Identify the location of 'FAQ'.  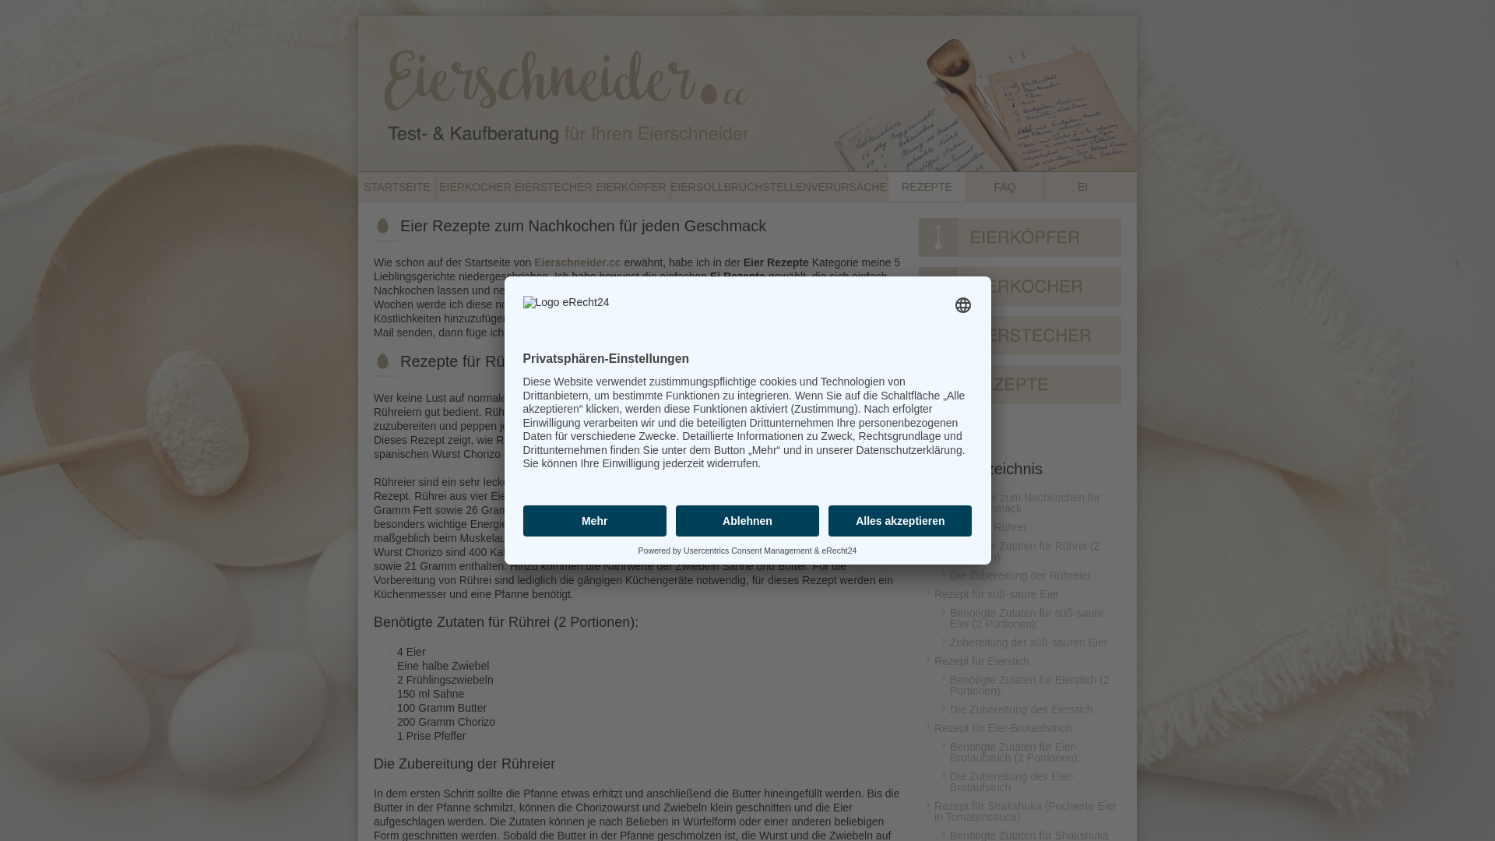
(1004, 185).